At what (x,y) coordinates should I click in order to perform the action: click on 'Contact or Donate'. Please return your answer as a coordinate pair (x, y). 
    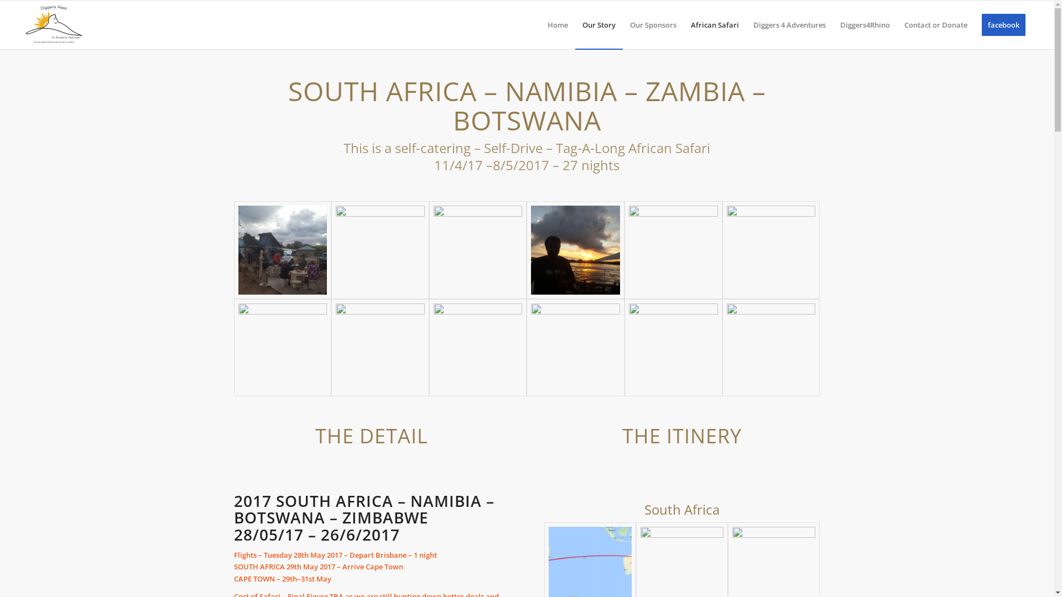
    Looking at the image, I should click on (935, 25).